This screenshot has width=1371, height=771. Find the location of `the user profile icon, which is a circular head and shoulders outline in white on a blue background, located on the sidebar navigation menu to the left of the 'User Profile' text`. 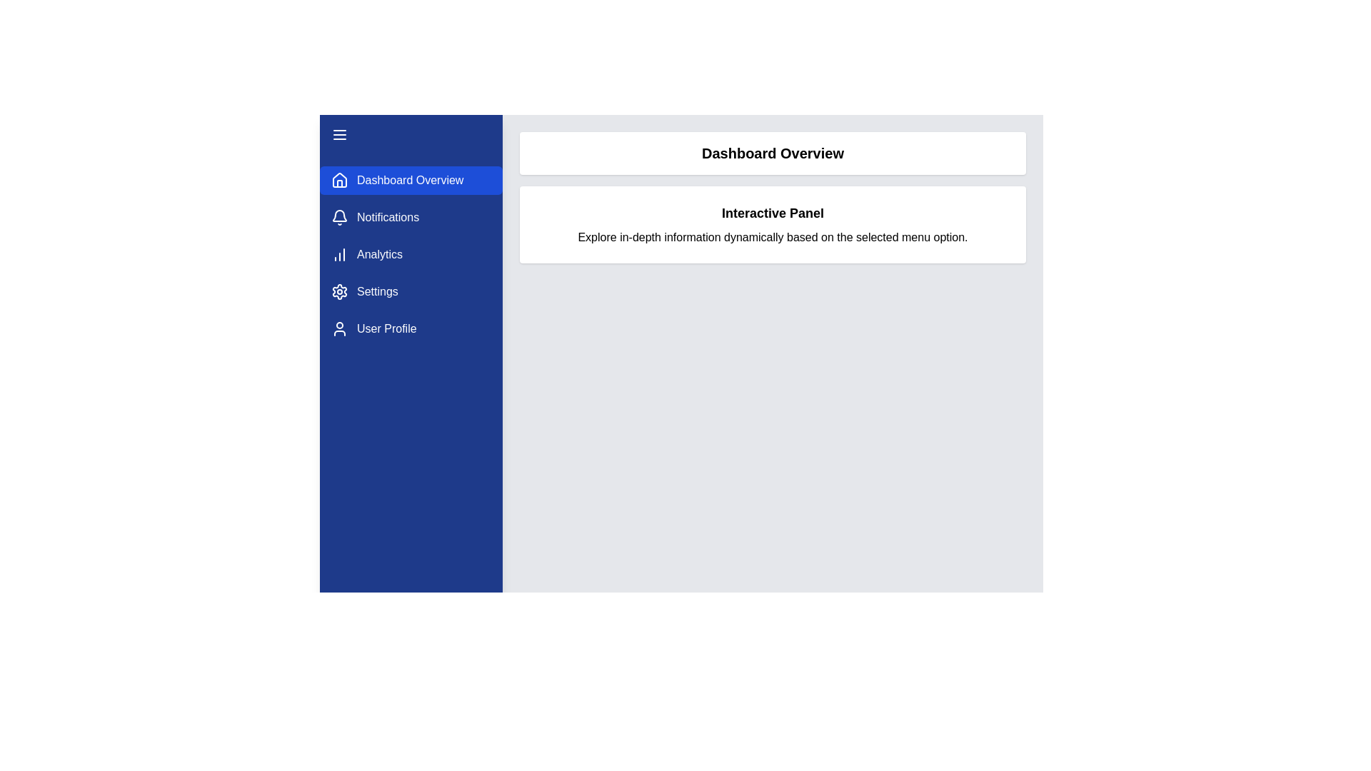

the user profile icon, which is a circular head and shoulders outline in white on a blue background, located on the sidebar navigation menu to the left of the 'User Profile' text is located at coordinates (338, 329).